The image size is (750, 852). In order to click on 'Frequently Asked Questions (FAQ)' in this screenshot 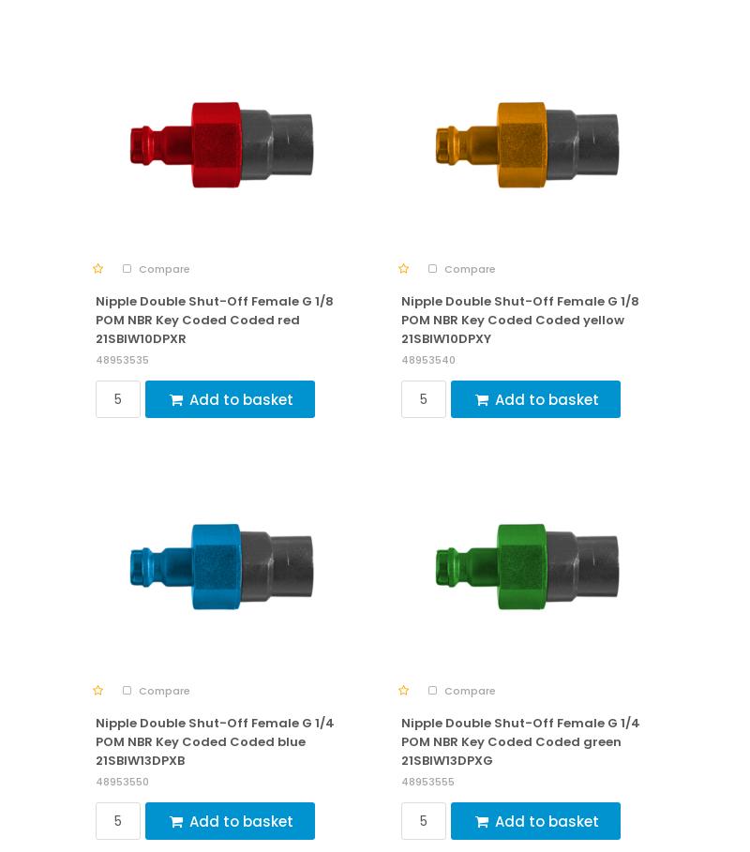, I will do `click(502, 582)`.